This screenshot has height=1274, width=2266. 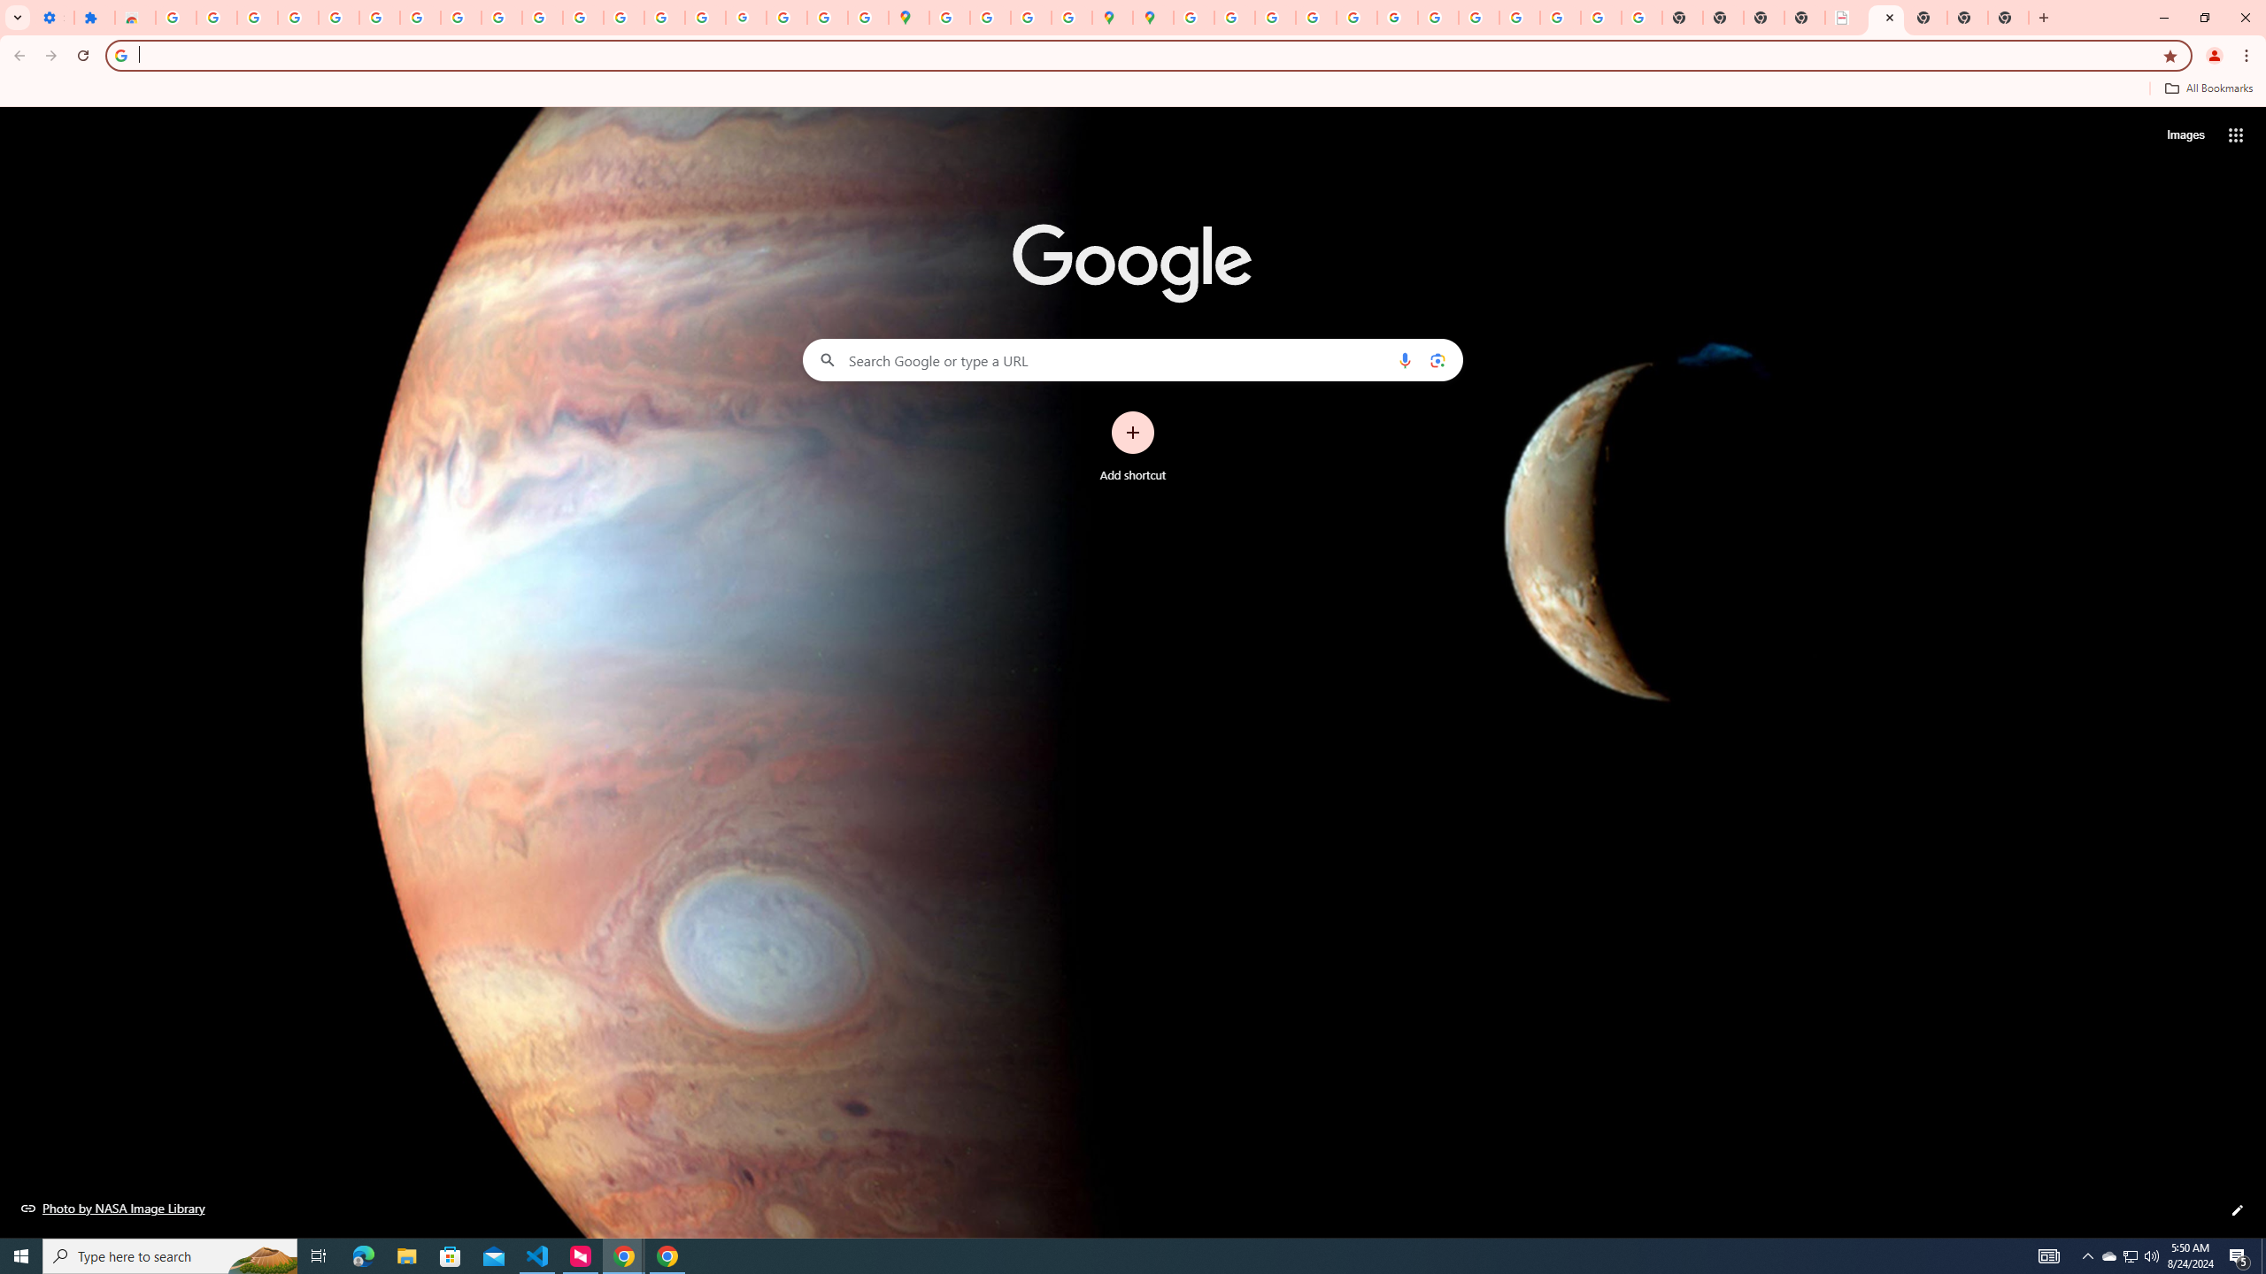 What do you see at coordinates (1274, 17) in the screenshot?
I see `'Privacy Help Center - Policies Help'` at bounding box center [1274, 17].